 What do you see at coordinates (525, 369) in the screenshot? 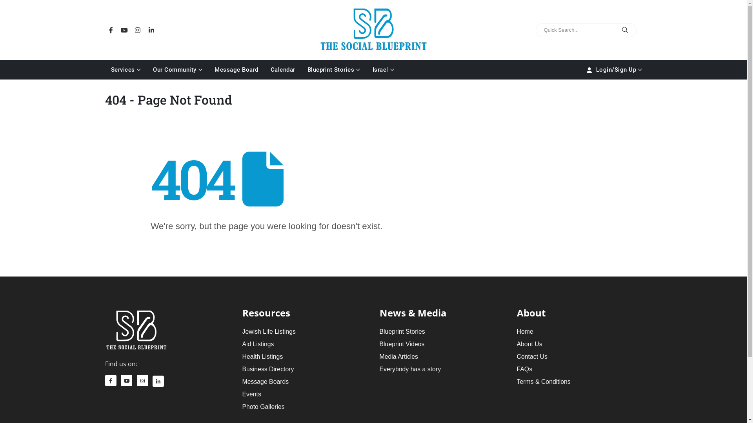
I see `'FAQs'` at bounding box center [525, 369].